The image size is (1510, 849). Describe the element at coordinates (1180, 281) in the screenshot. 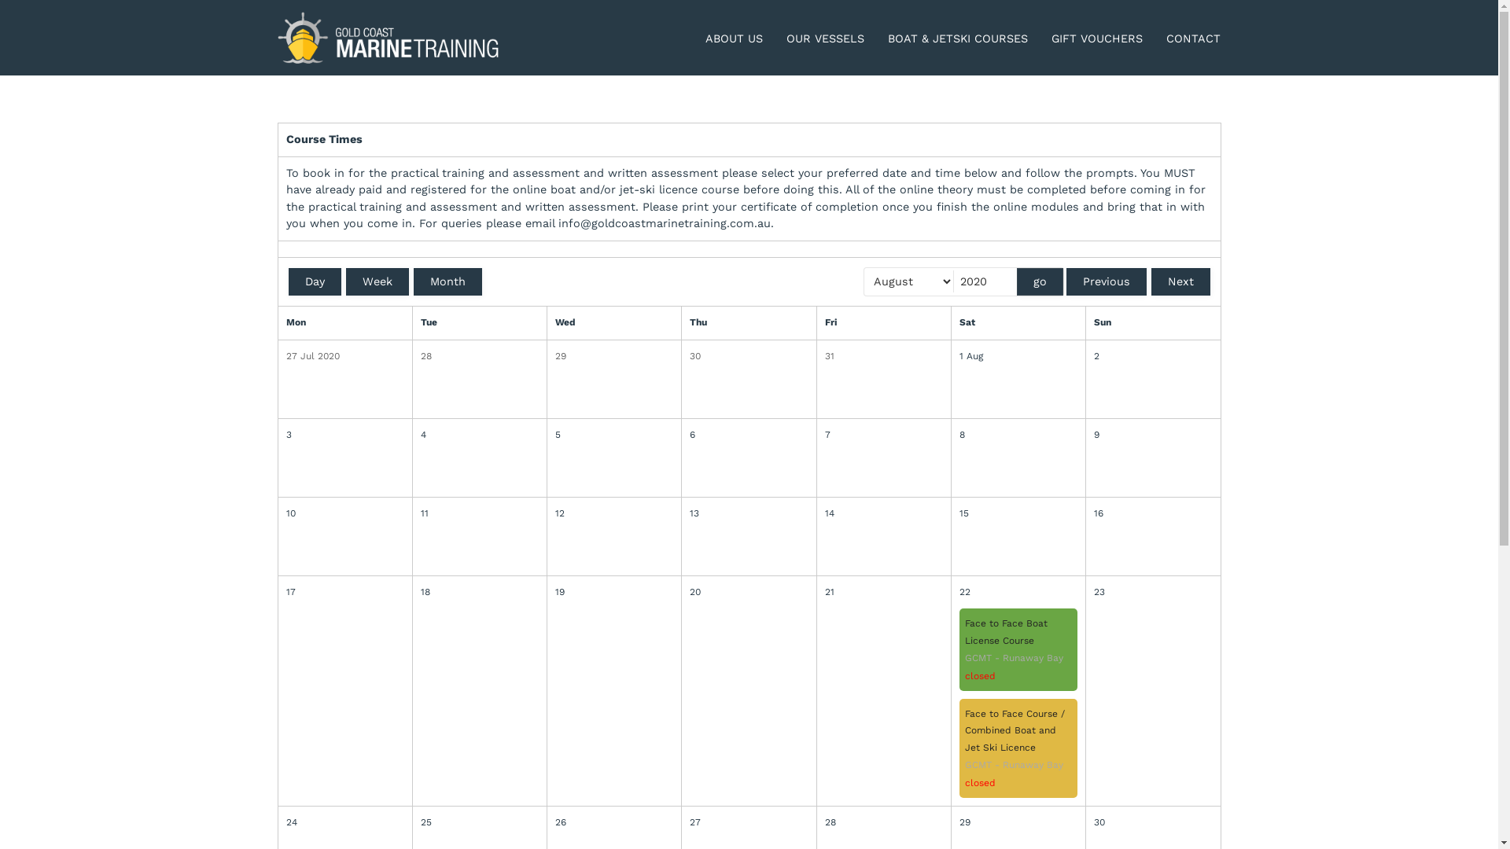

I see `'Next'` at that location.